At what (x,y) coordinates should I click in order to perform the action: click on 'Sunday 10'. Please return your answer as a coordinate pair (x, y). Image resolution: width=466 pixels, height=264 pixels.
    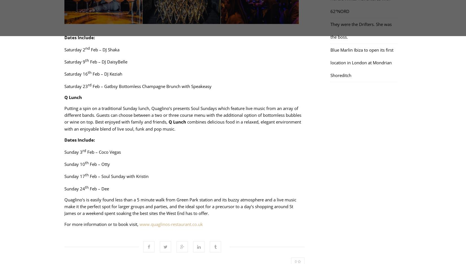
    Looking at the image, I should click on (74, 164).